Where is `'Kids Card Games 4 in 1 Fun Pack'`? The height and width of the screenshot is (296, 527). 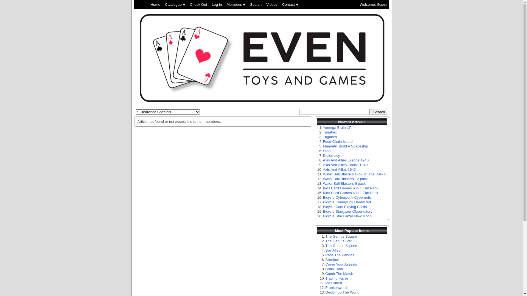
'Kids Card Games 4 in 1 Fun Pack' is located at coordinates (350, 192).